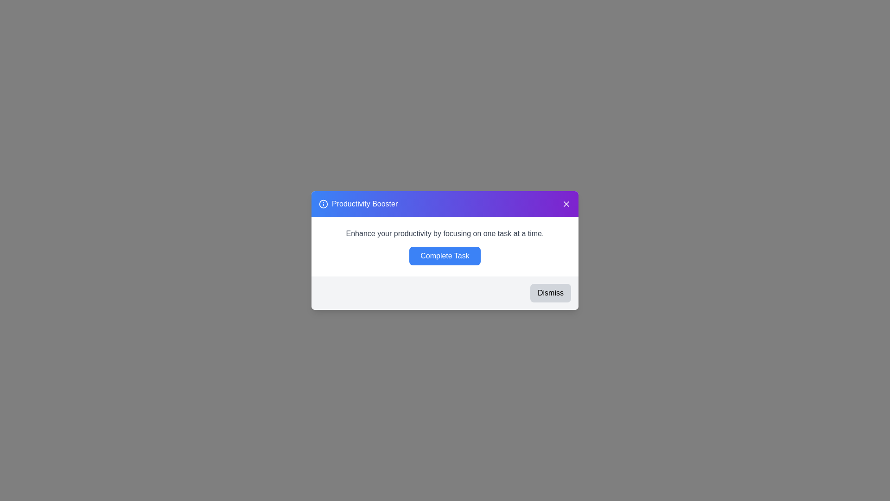 The height and width of the screenshot is (501, 890). Describe the element at coordinates (551, 293) in the screenshot. I see `the 'Dismiss' button to close the dialog` at that location.